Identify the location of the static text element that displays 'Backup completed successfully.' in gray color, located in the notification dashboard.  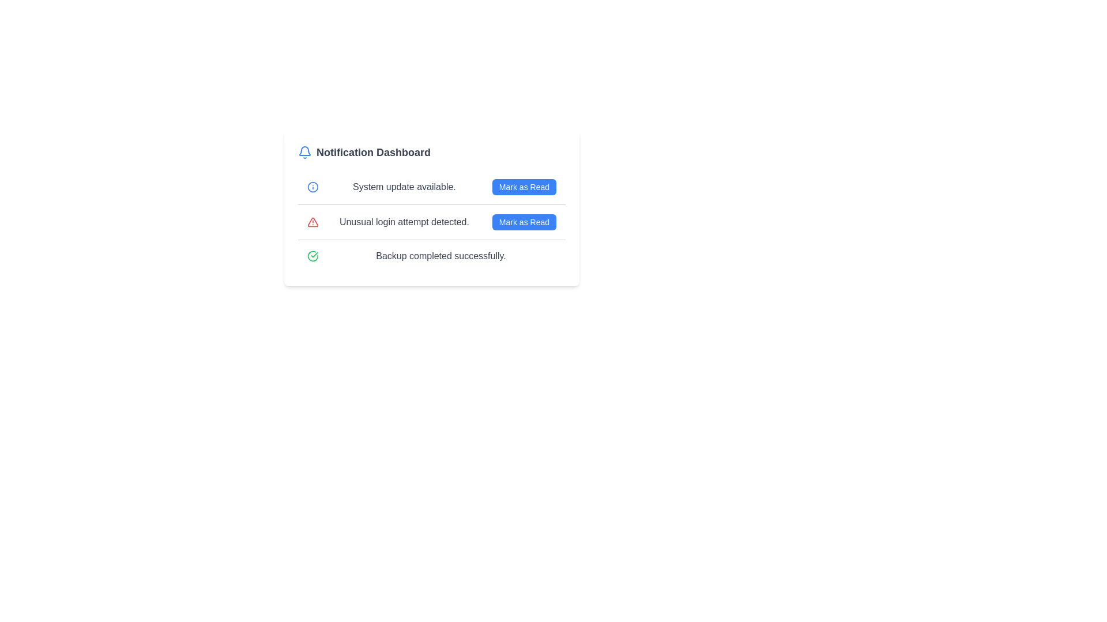
(440, 255).